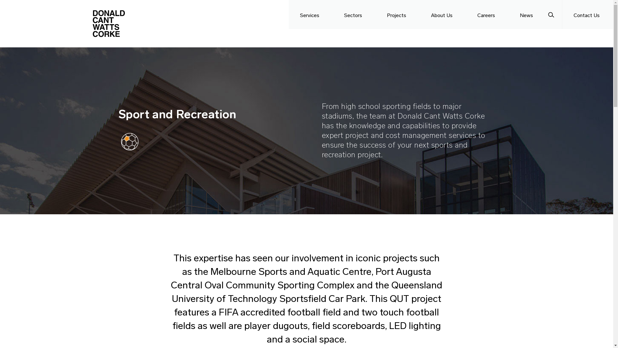  What do you see at coordinates (375, 15) in the screenshot?
I see `'Projects'` at bounding box center [375, 15].